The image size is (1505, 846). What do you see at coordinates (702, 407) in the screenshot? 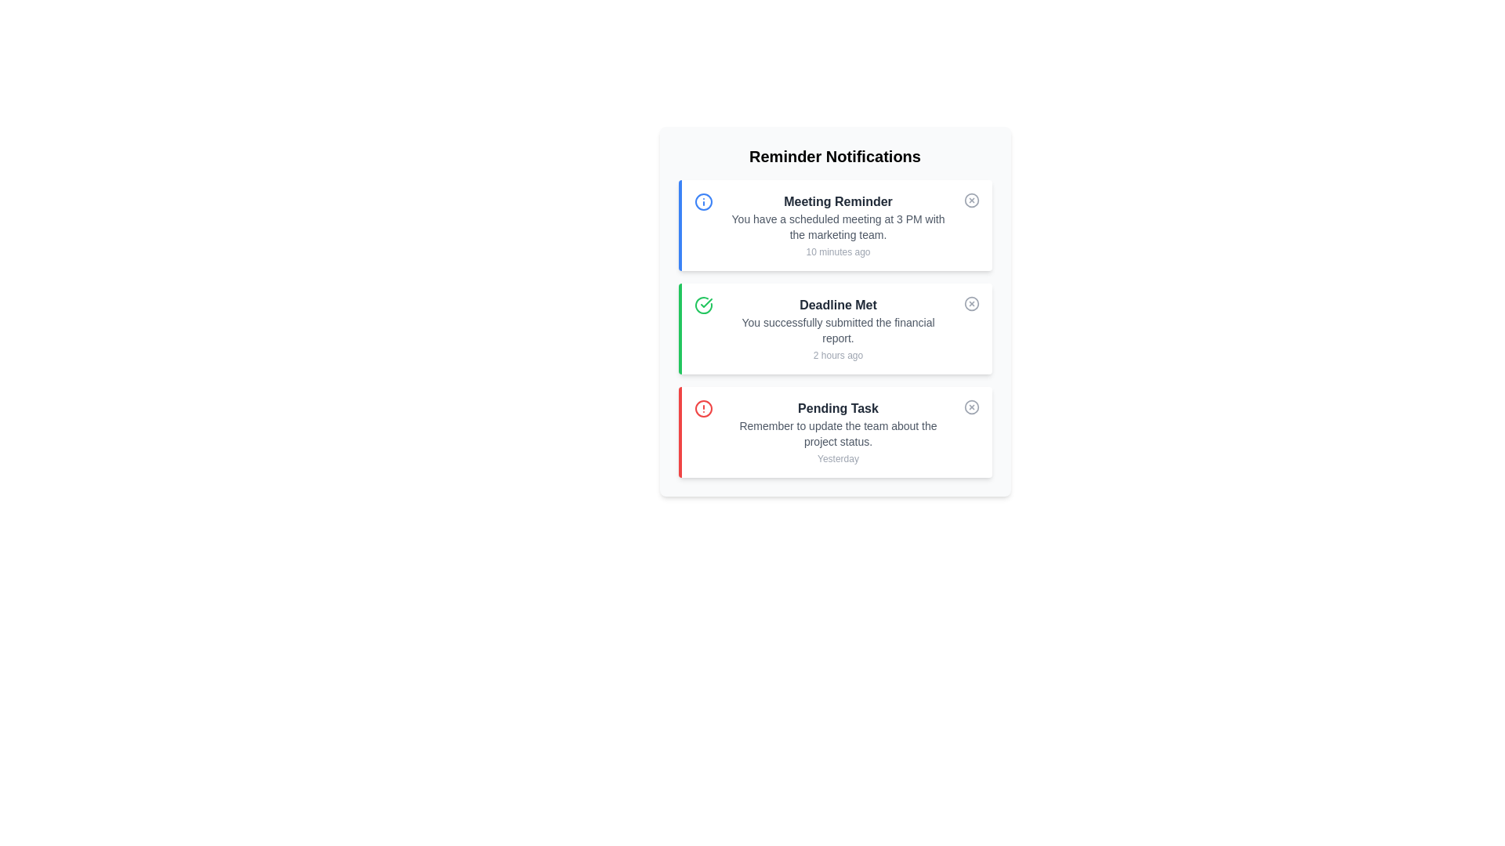
I see `the red circular border of the warning icon associated with the 'Pending Task' notification in the 'Reminder Notifications' section` at bounding box center [702, 407].